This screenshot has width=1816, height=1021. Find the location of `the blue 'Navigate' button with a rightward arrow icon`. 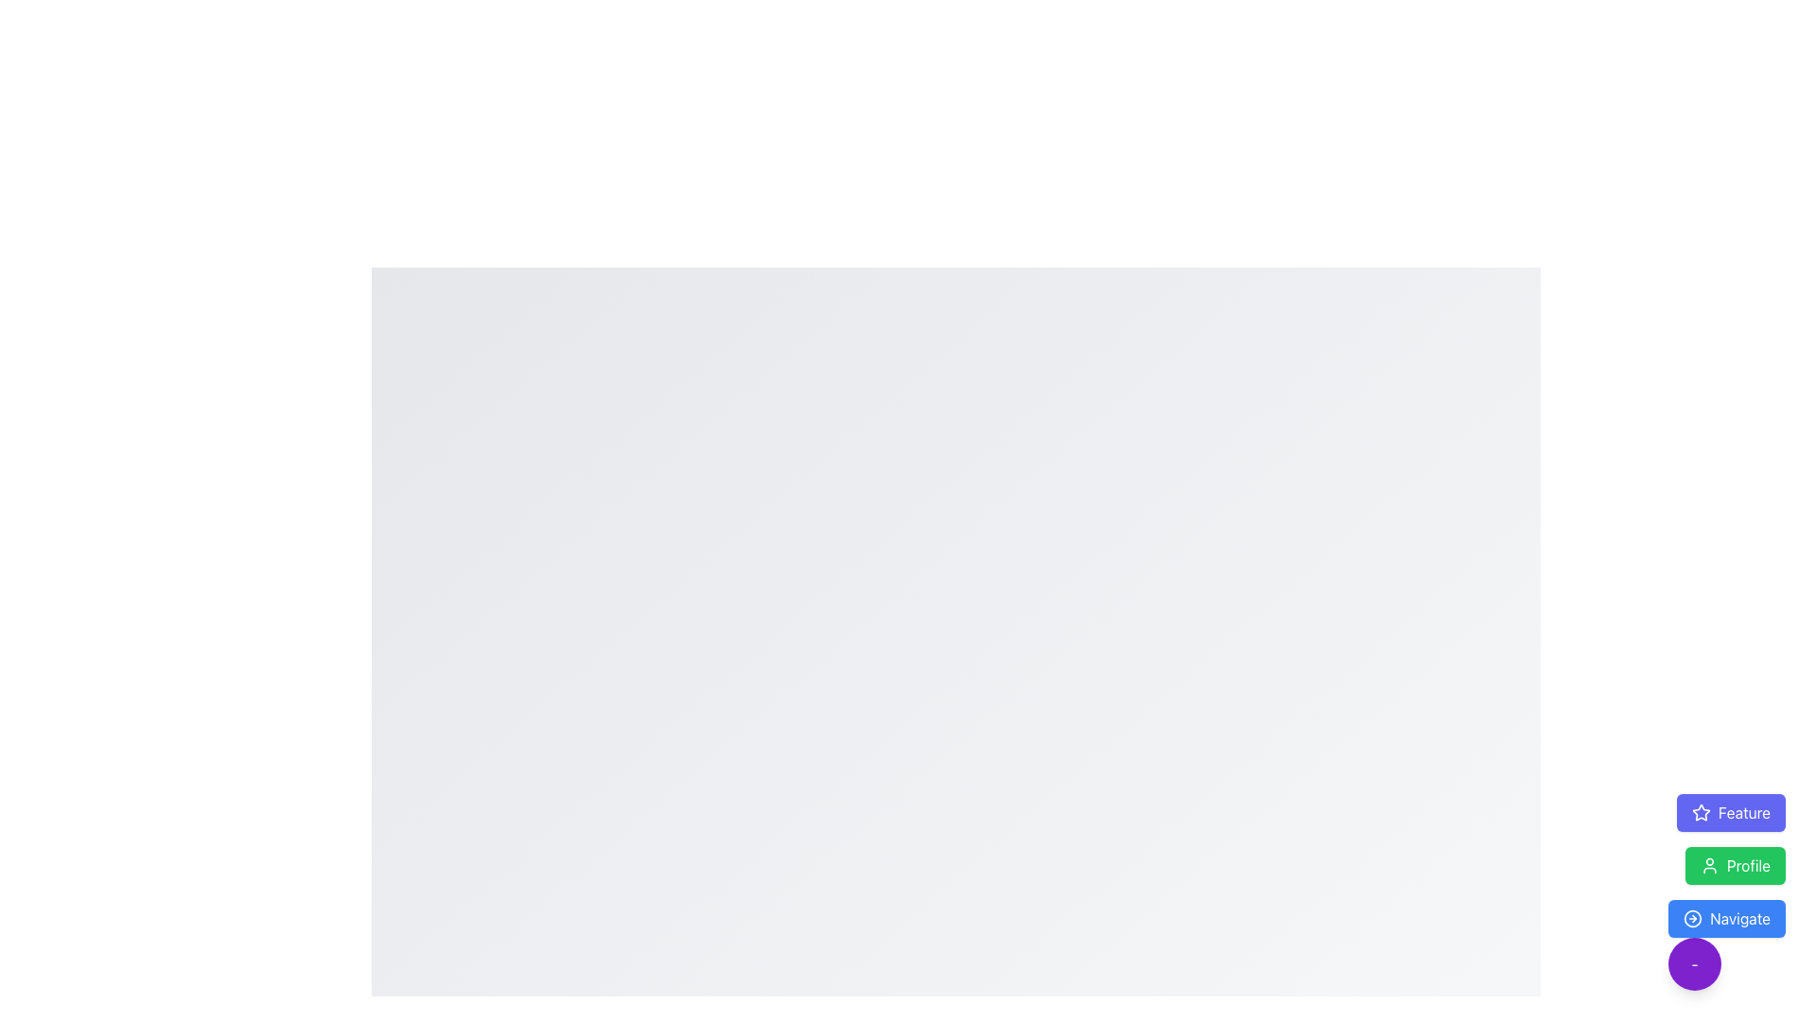

the blue 'Navigate' button with a rightward arrow icon is located at coordinates (1727, 918).